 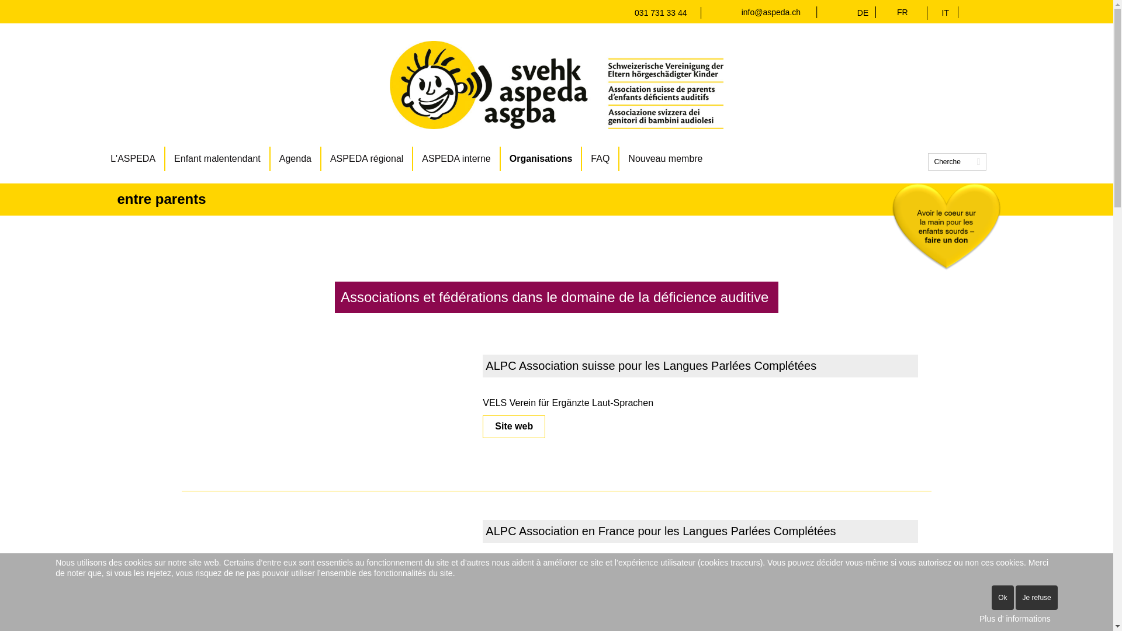 What do you see at coordinates (501, 159) in the screenshot?
I see `'Organisations'` at bounding box center [501, 159].